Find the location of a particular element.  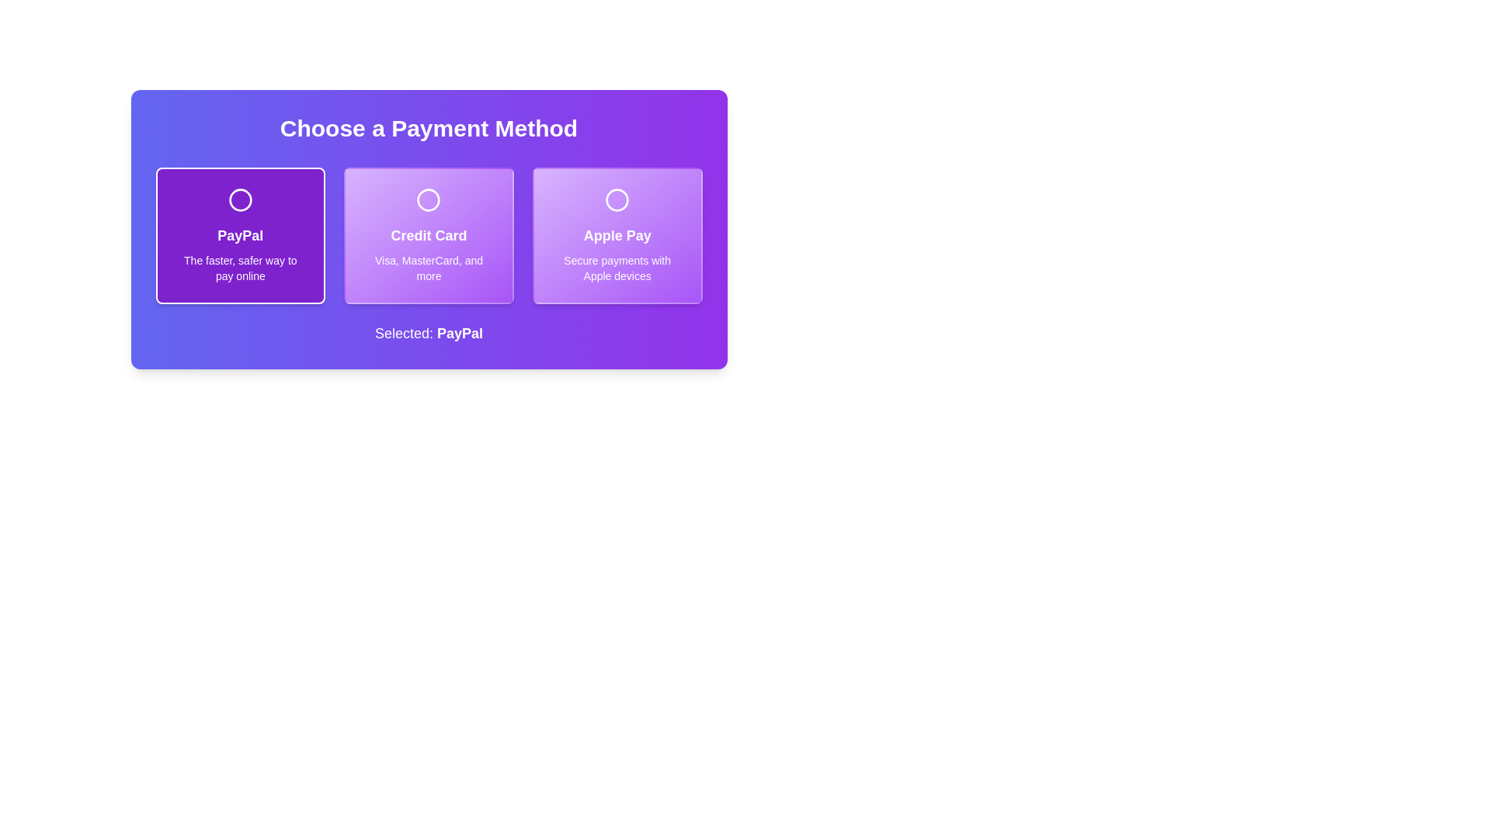

the 'Apple Pay' button, which is a rectangular card with a gradient purple background and a white circular icon at the top is located at coordinates (617, 236).